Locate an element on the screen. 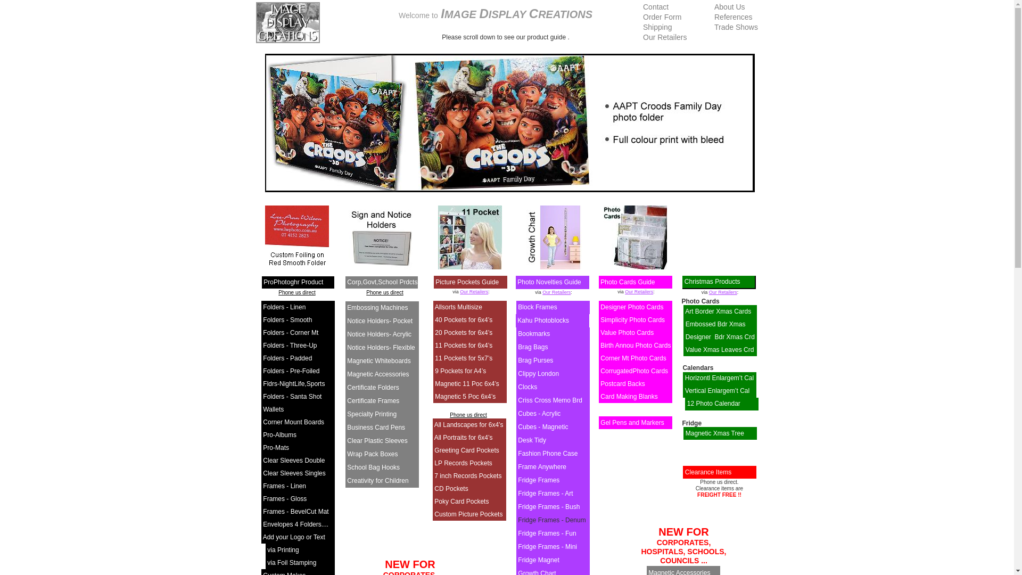 The width and height of the screenshot is (1022, 575). 'Designer Photo Cards' is located at coordinates (631, 307).